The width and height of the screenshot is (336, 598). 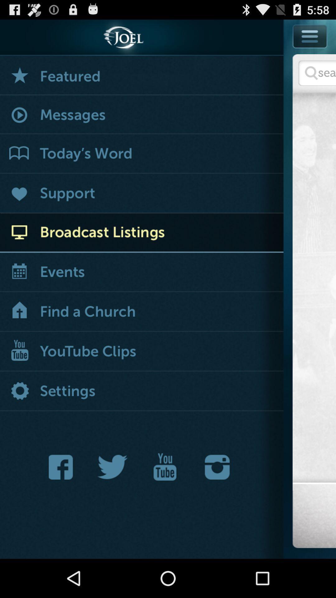 What do you see at coordinates (310, 36) in the screenshot?
I see `menu button` at bounding box center [310, 36].